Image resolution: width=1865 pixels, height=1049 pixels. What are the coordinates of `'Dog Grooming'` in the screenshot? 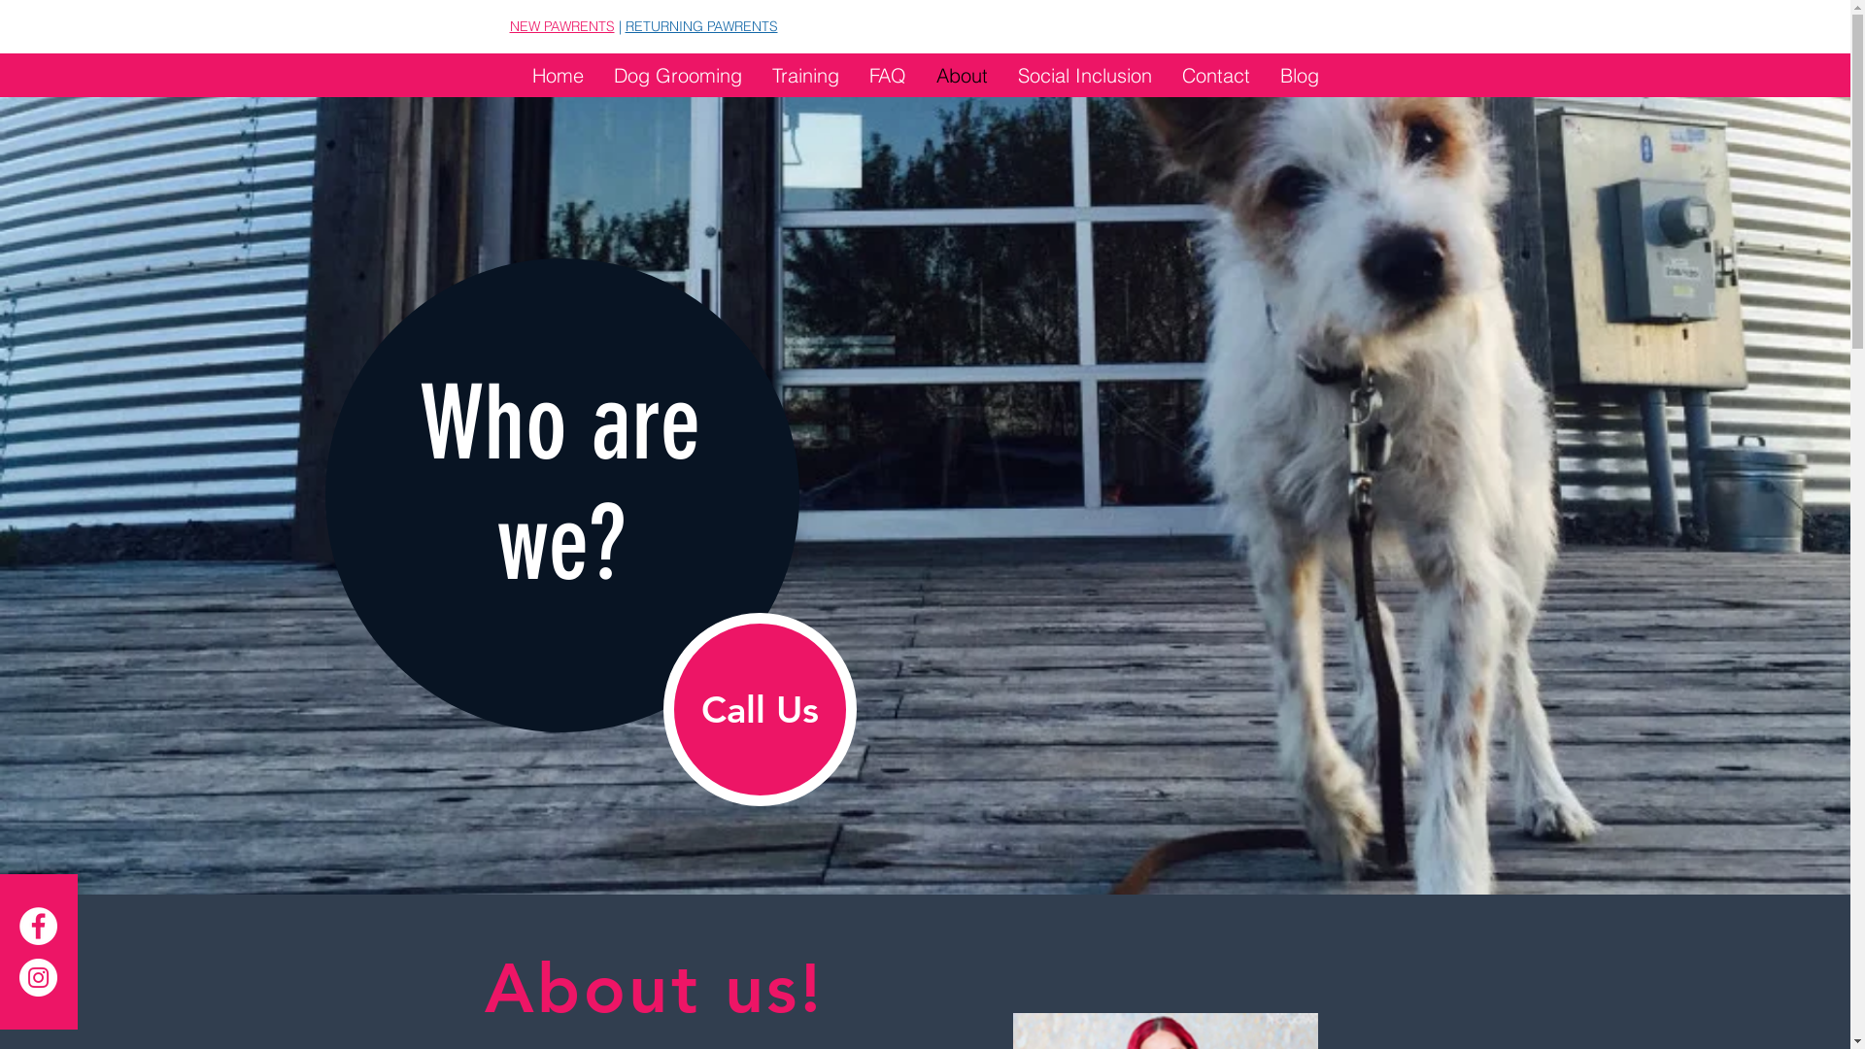 It's located at (677, 74).